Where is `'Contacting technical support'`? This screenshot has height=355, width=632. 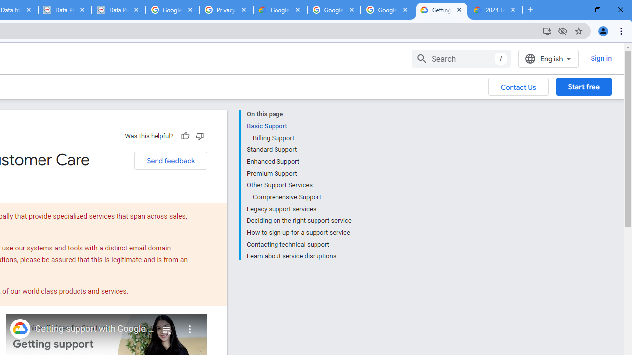
'Contacting technical support' is located at coordinates (298, 244).